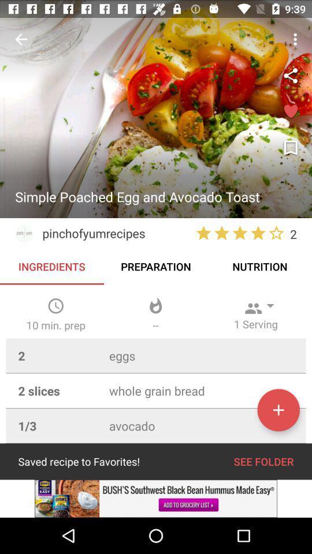  Describe the element at coordinates (278, 410) in the screenshot. I see `to favorites` at that location.